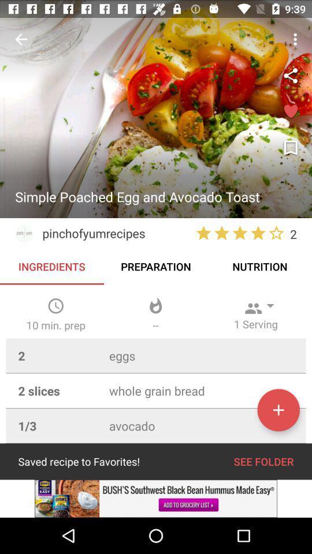  Describe the element at coordinates (278, 410) in the screenshot. I see `to favorites` at that location.